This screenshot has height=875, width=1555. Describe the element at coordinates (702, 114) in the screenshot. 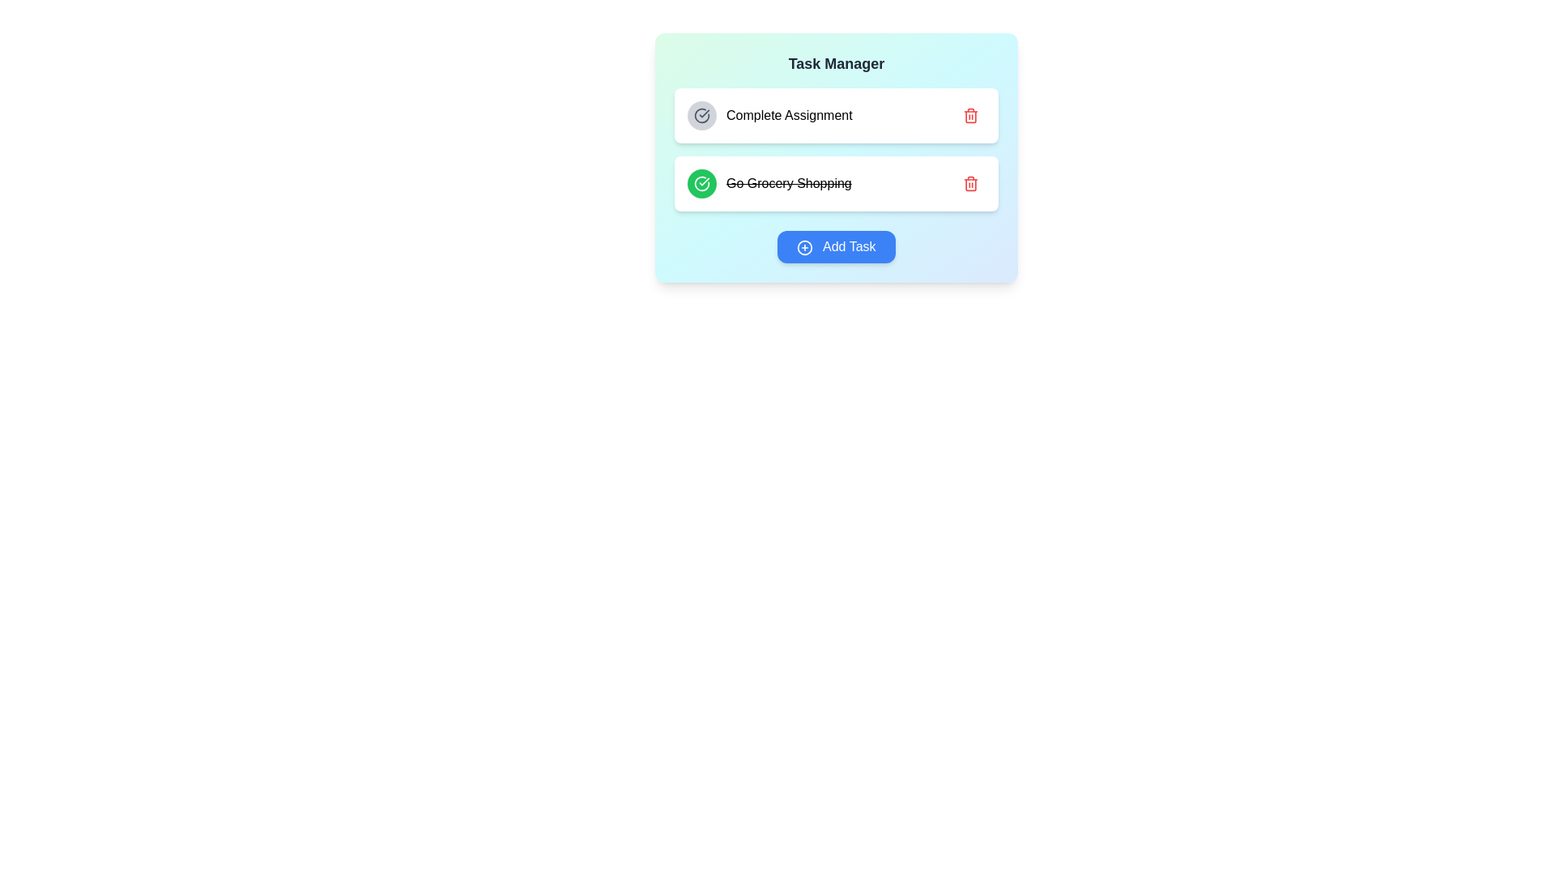

I see `the circular checkmark icon with a gray outline, indicating a completed task, located to the left of the 'Complete Assignment' text` at that location.